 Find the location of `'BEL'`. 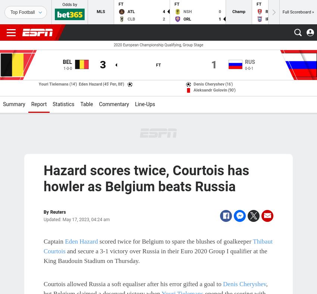

'BEL' is located at coordinates (67, 62).